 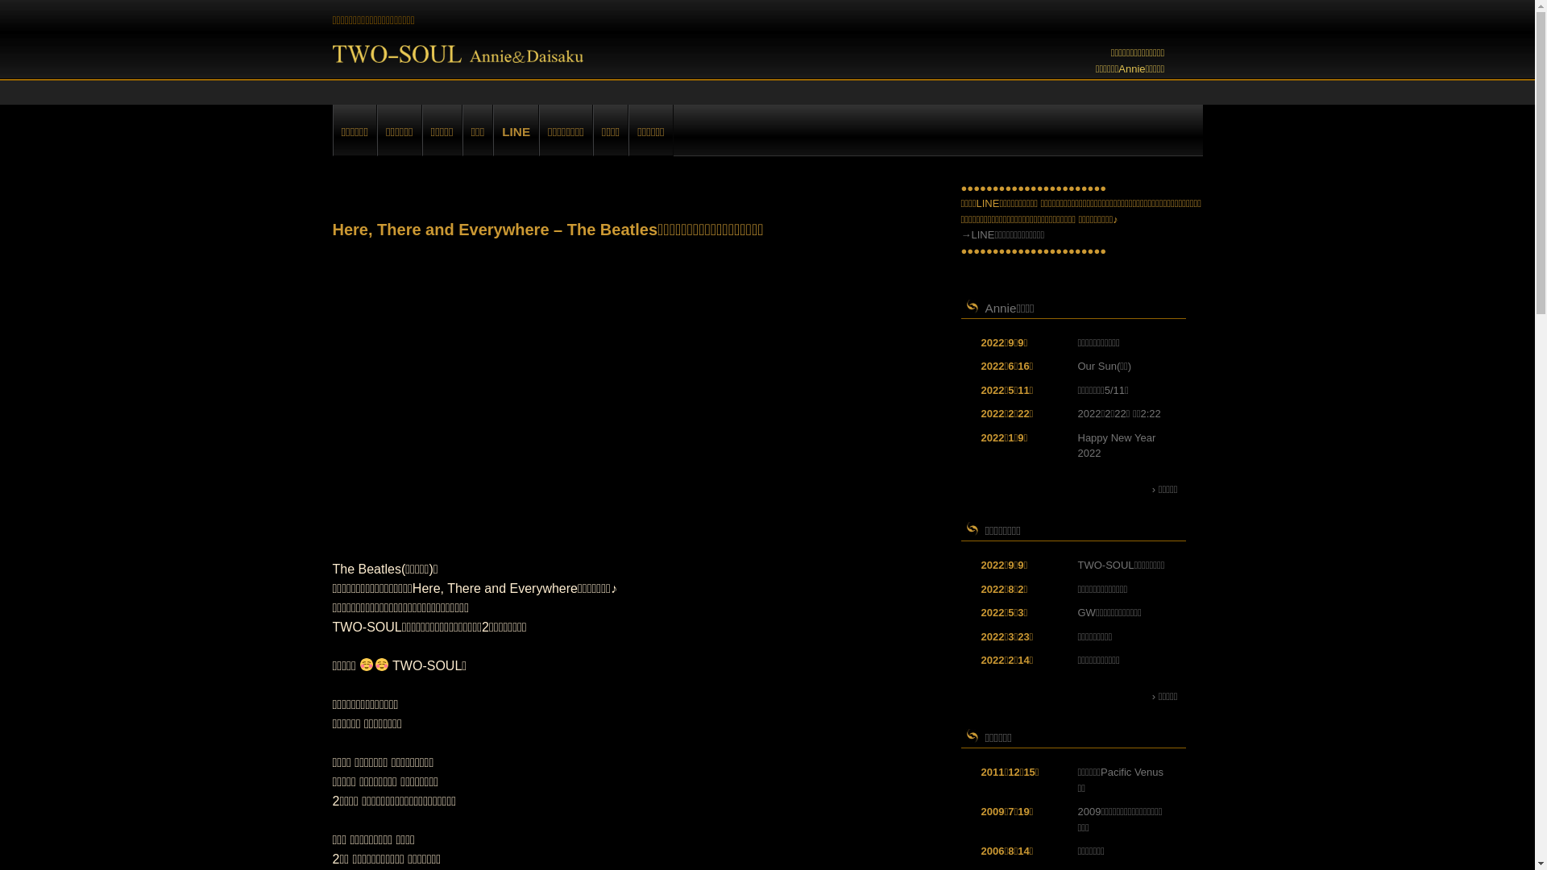 I want to click on 'LINE', so click(x=516, y=130).